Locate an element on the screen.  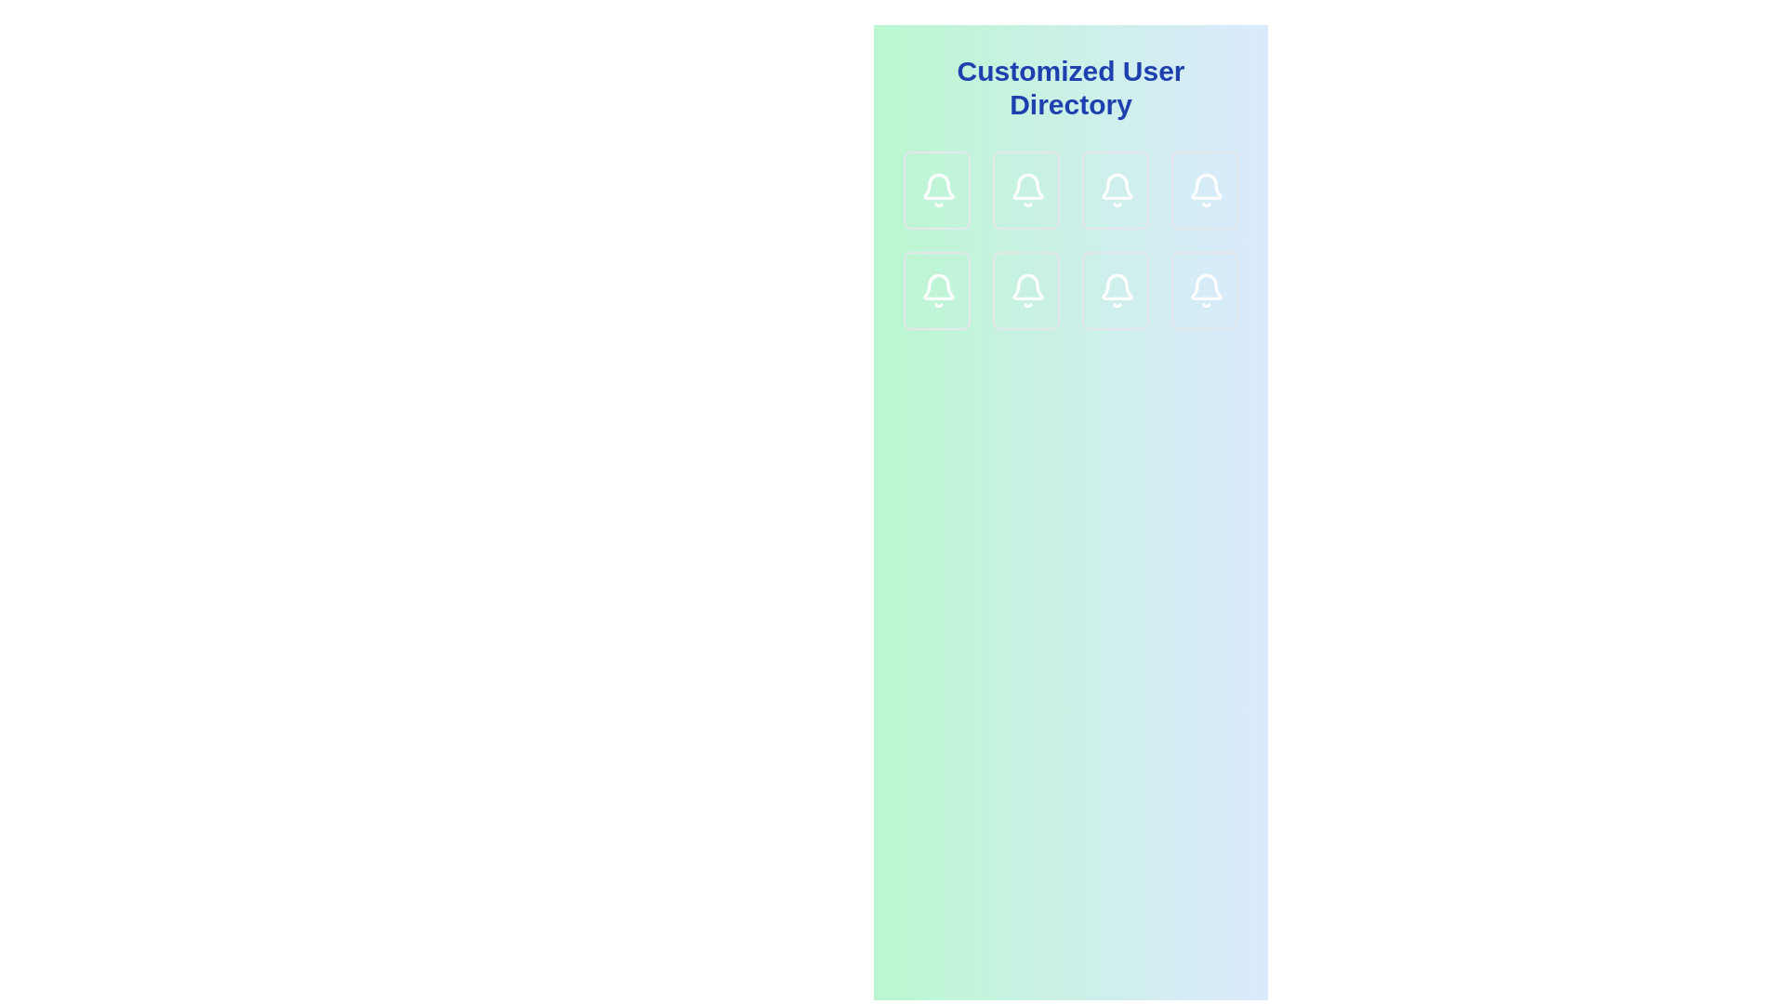
the notification button located in the first row, first column of the grid layout is located at coordinates (937, 190).